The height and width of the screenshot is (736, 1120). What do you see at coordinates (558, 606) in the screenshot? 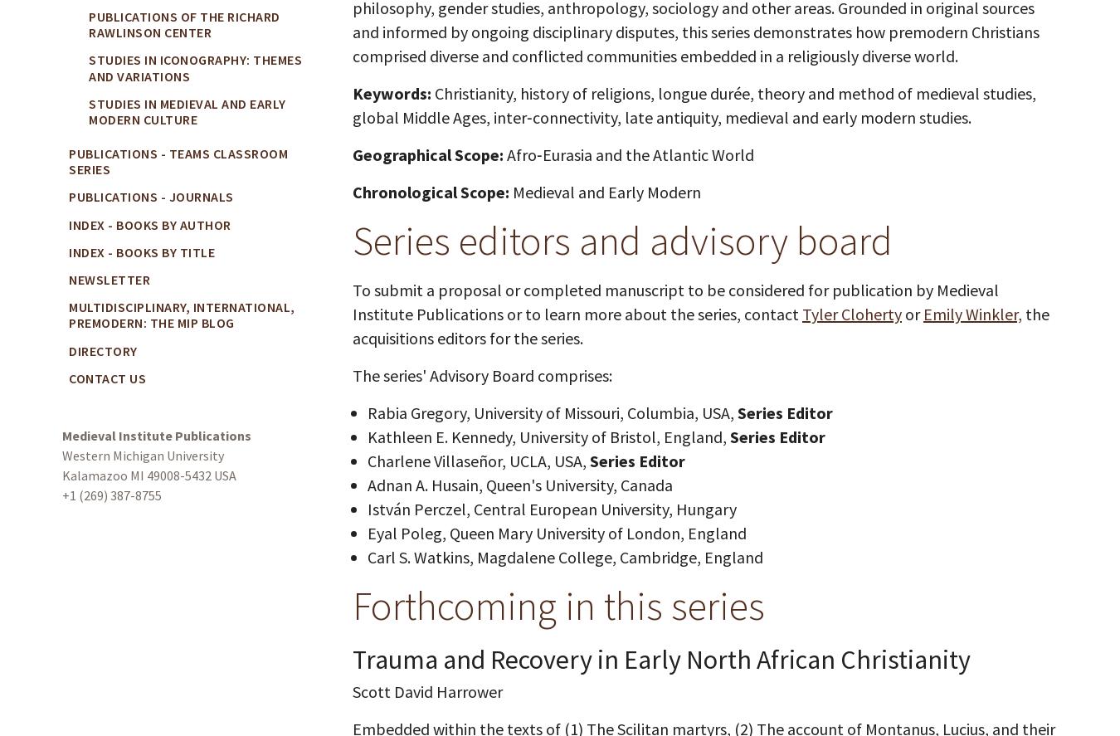
I see `'Forthcoming in this series'` at bounding box center [558, 606].